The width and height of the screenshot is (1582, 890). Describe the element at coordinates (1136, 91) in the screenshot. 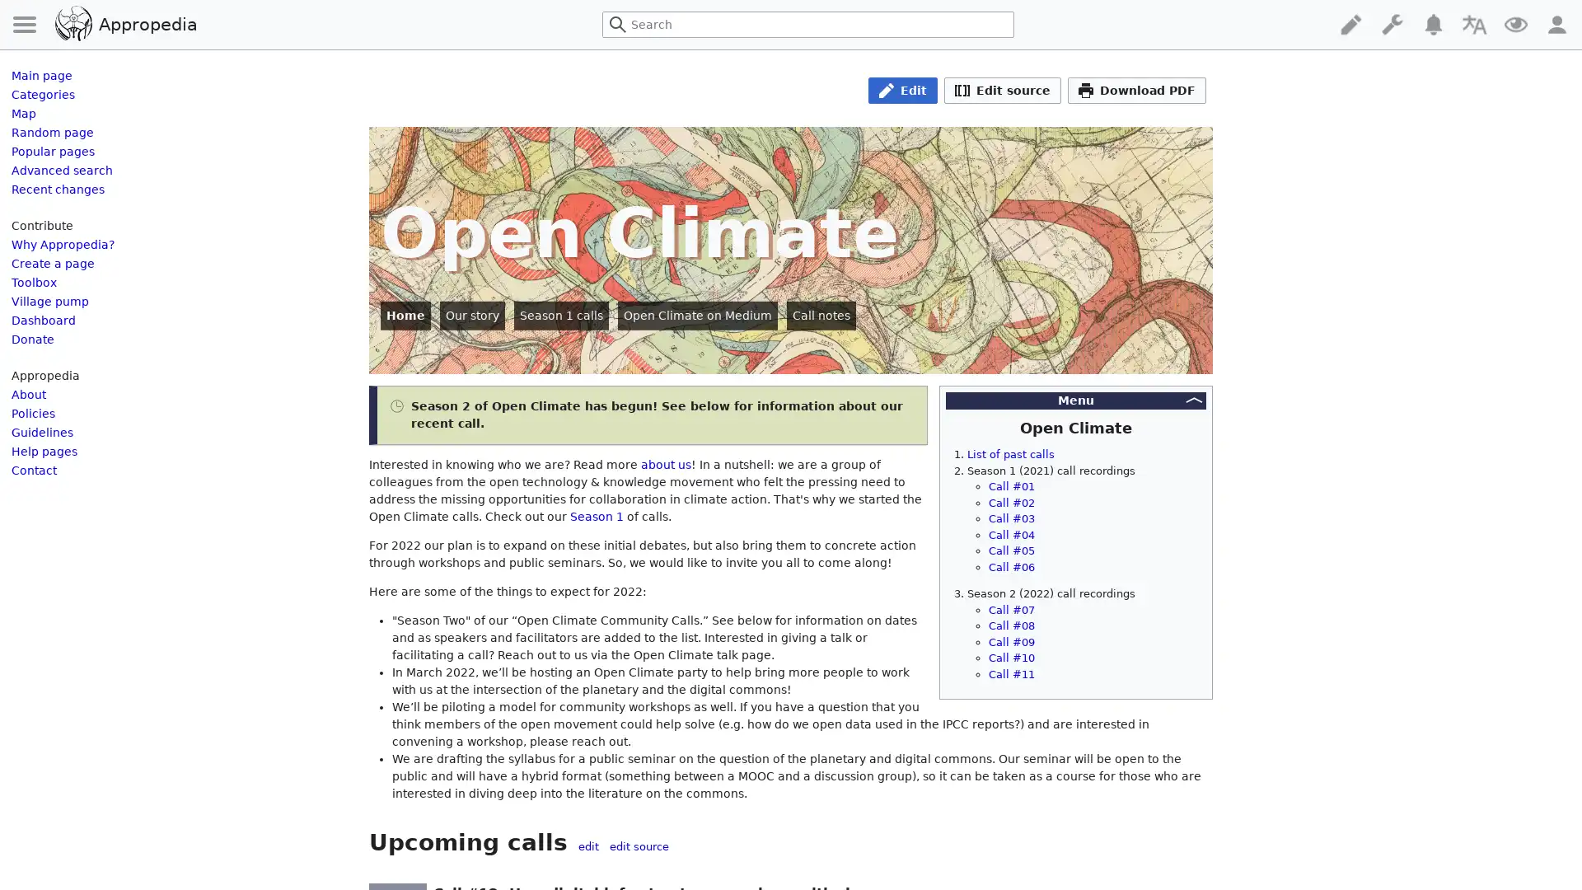

I see `Download PDF` at that location.